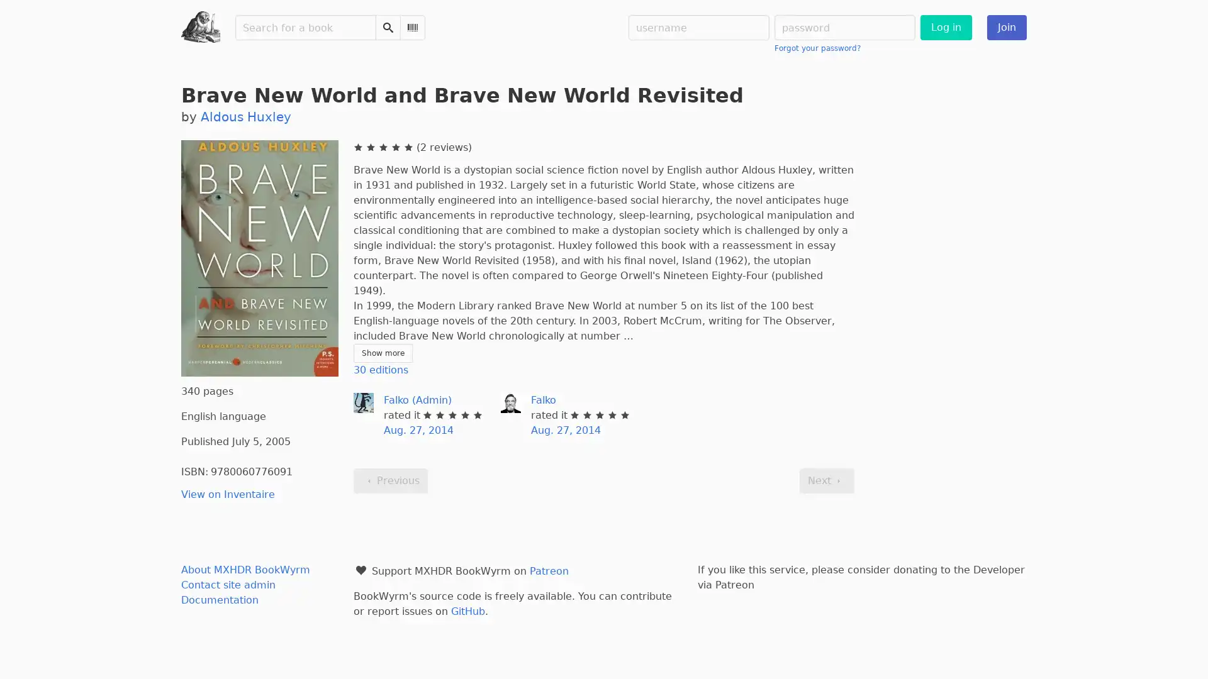 Image resolution: width=1208 pixels, height=679 pixels. What do you see at coordinates (388, 27) in the screenshot?
I see `Search` at bounding box center [388, 27].